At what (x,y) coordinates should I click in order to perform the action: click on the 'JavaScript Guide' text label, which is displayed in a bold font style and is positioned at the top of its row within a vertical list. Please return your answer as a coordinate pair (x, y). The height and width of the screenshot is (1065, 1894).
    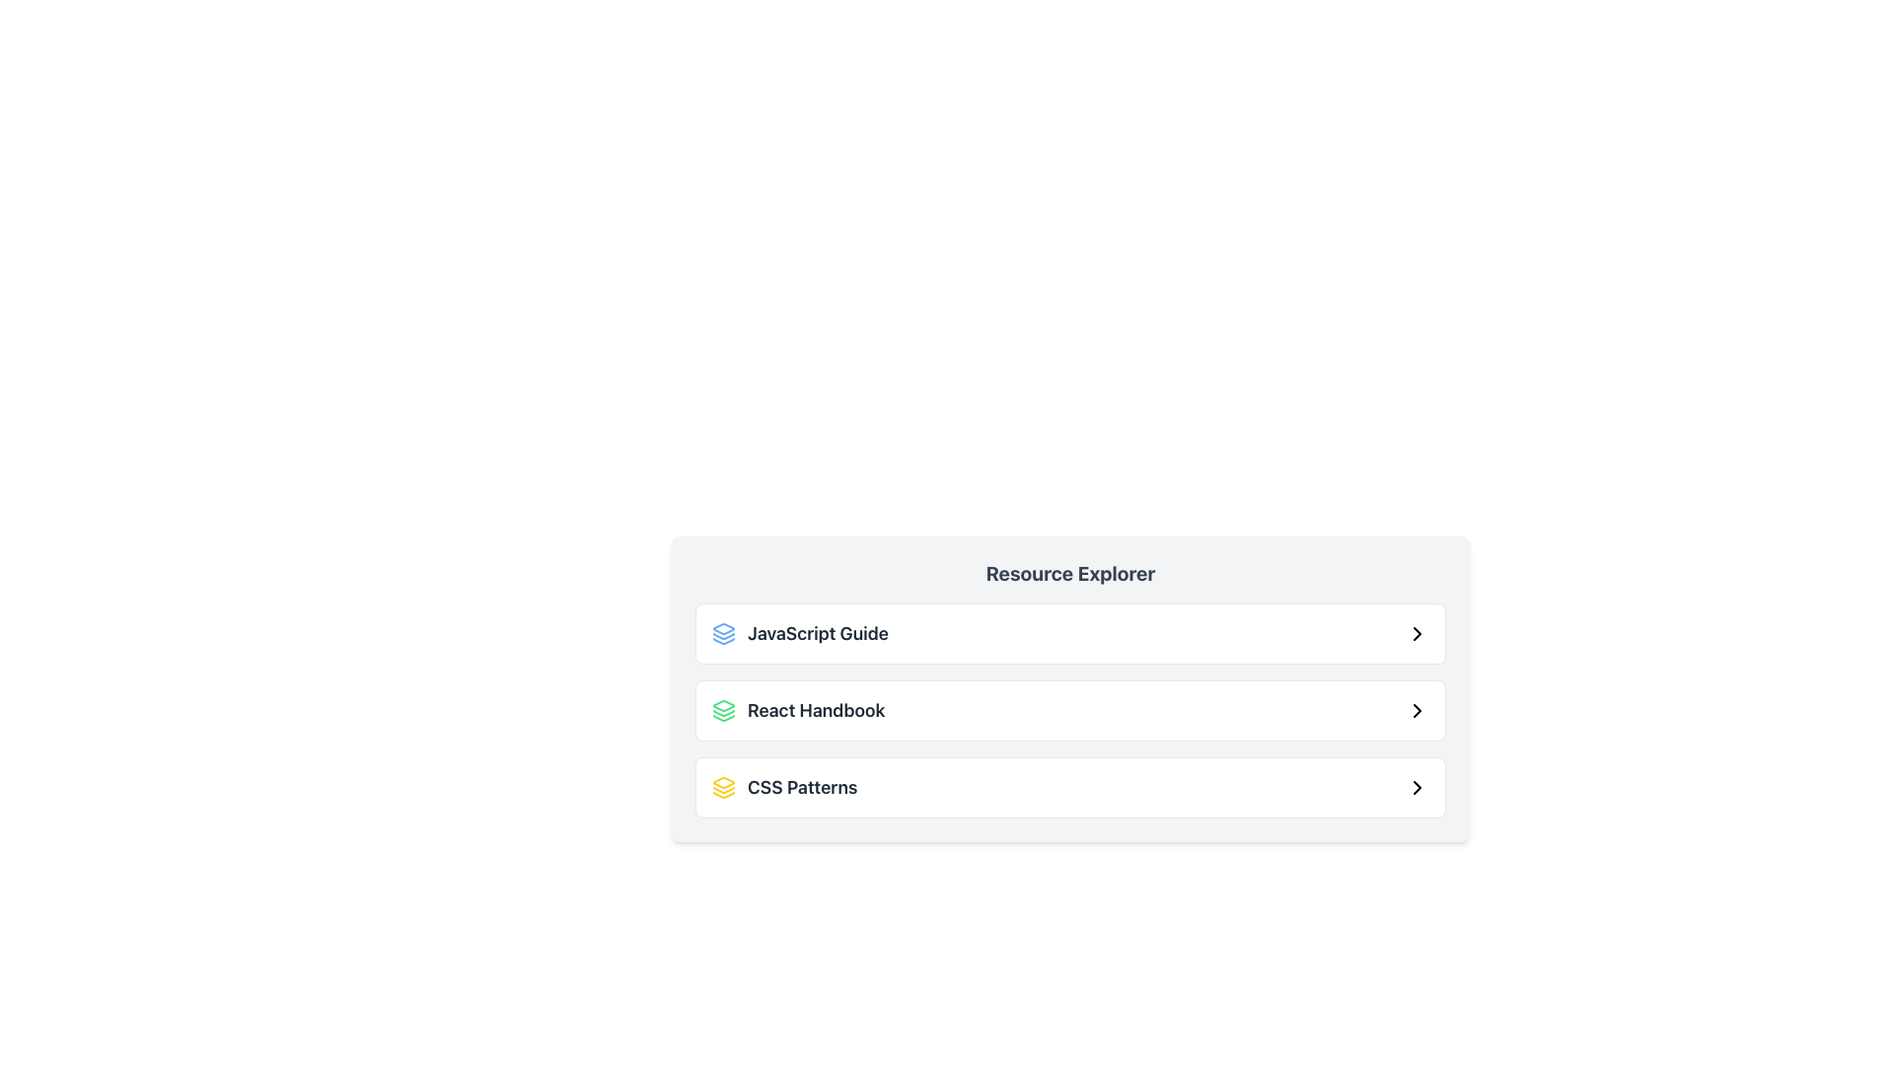
    Looking at the image, I should click on (818, 634).